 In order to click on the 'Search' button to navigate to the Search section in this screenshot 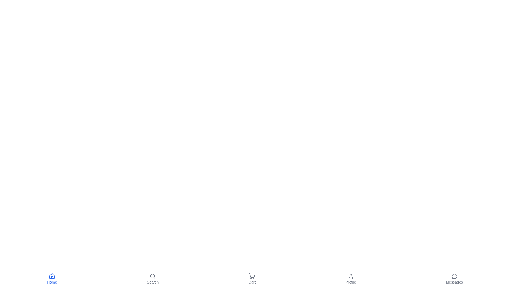, I will do `click(152, 278)`.